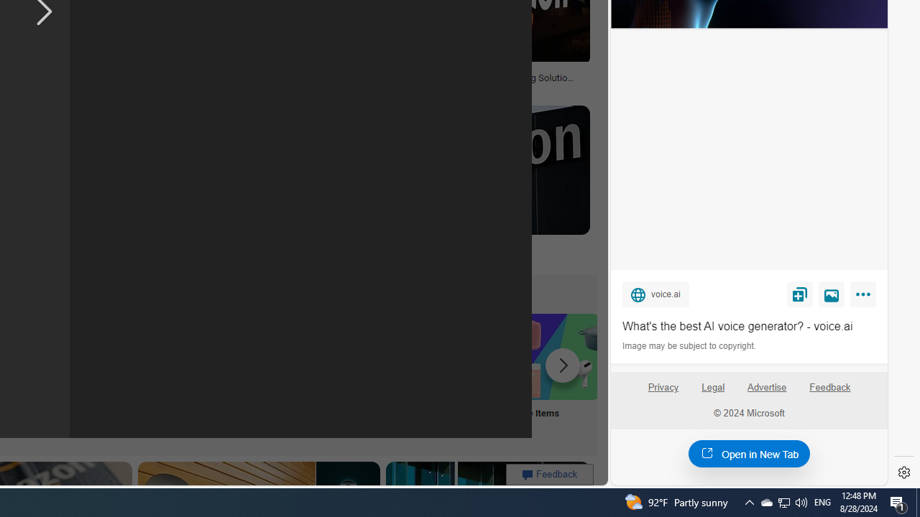 Image resolution: width=920 pixels, height=517 pixels. I want to click on 'Privacy', so click(662, 386).